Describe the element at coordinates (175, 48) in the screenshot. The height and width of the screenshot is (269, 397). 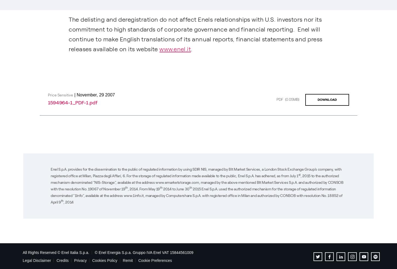
I see `'www.enel.it'` at that location.